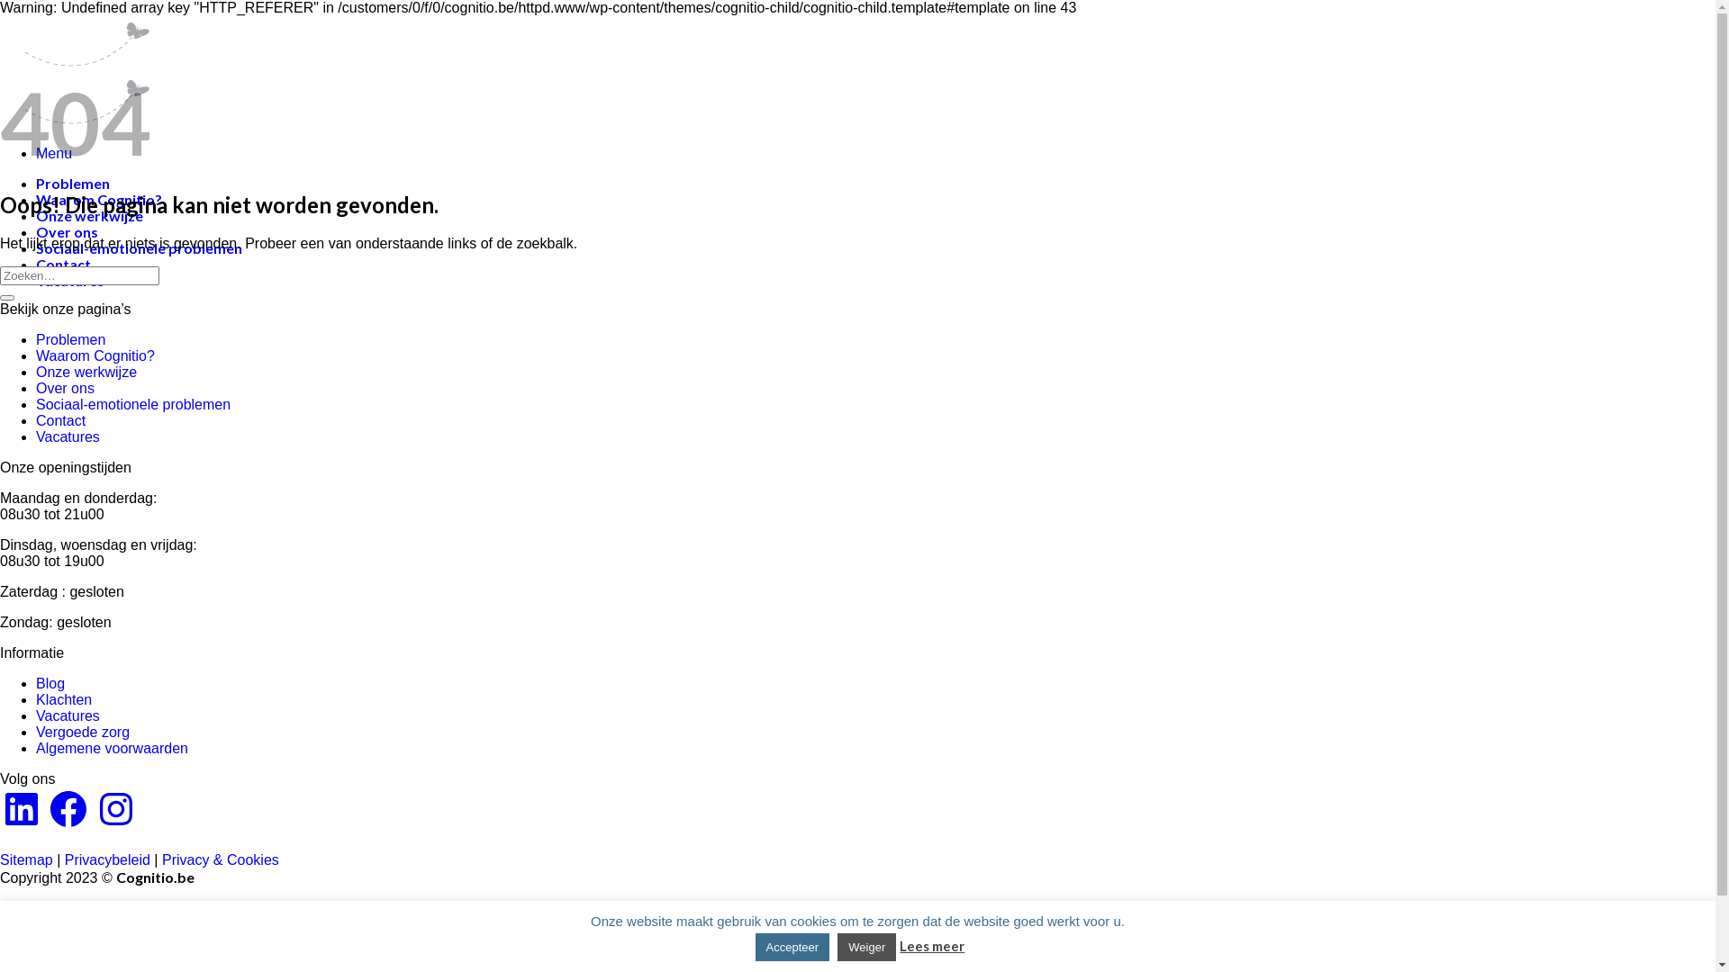 The image size is (1729, 972). I want to click on 'Onze werkwijze', so click(35, 371).